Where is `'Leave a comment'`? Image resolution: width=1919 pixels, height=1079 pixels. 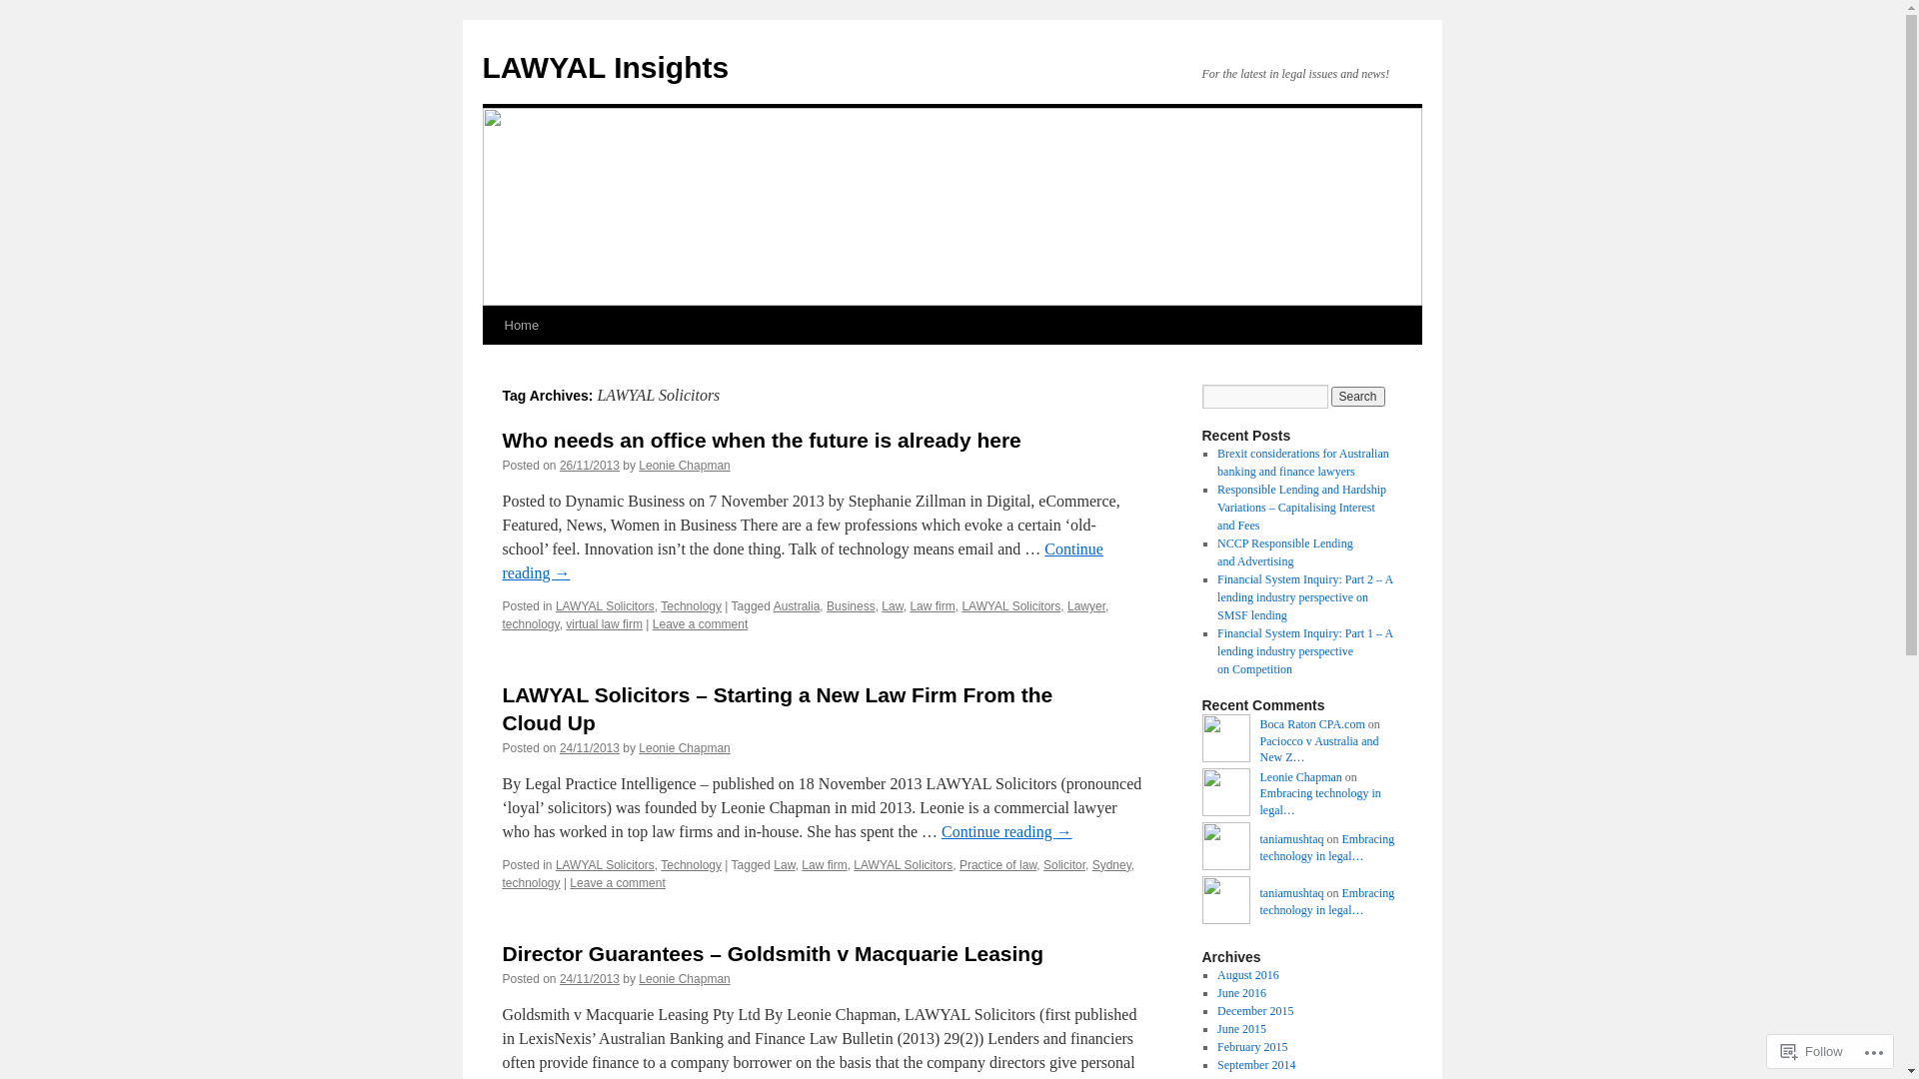
'Leave a comment' is located at coordinates (700, 622).